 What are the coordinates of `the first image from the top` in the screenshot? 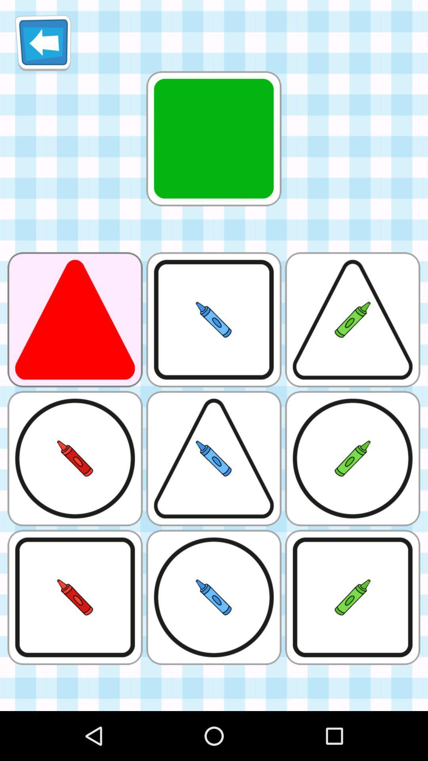 It's located at (214, 139).